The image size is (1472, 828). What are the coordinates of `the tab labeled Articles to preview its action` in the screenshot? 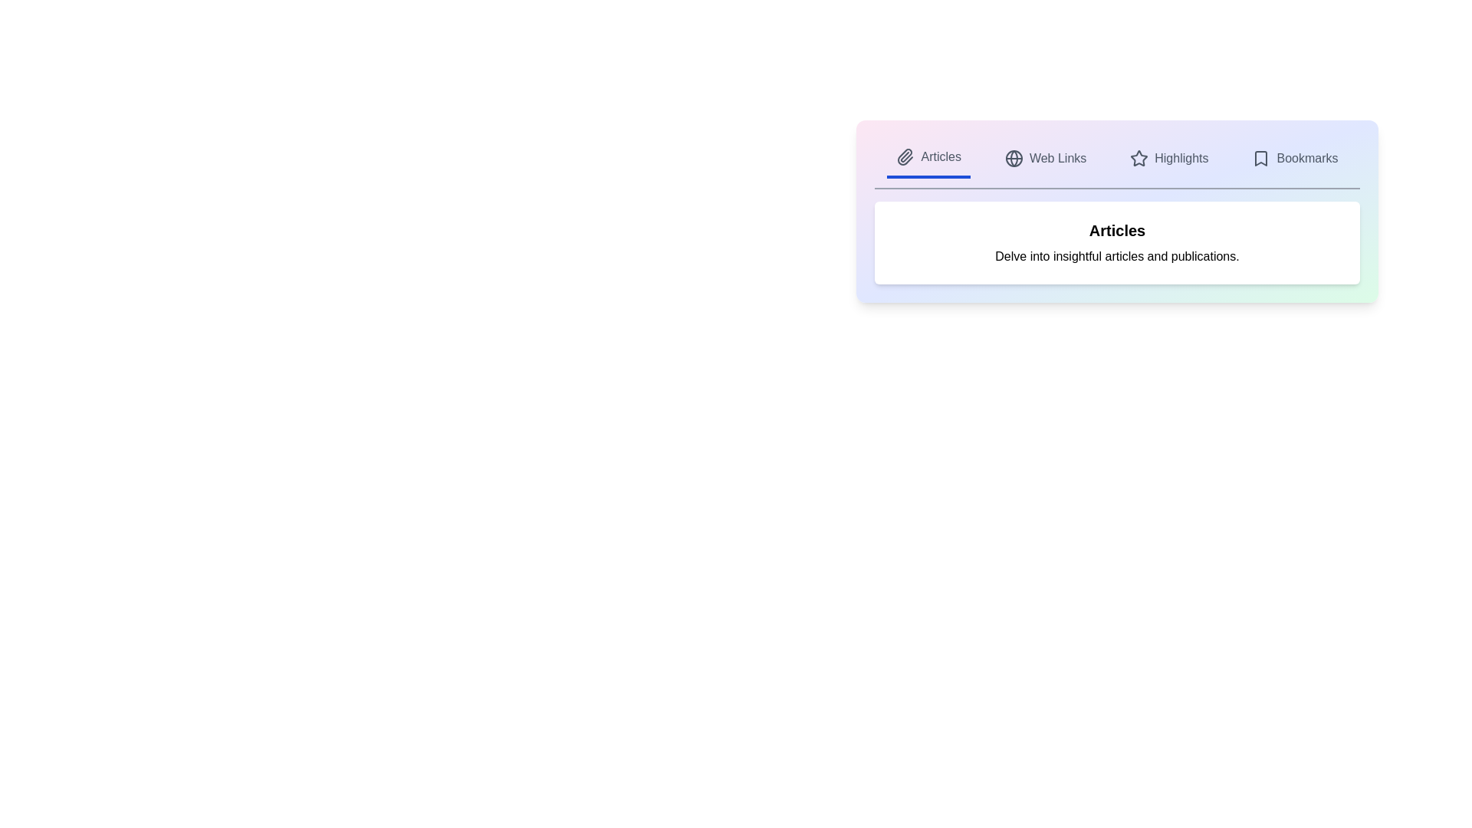 It's located at (928, 159).